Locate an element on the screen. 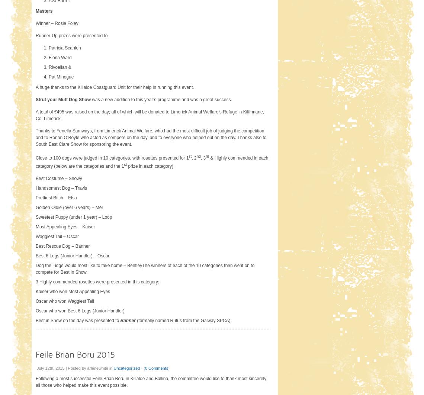 This screenshot has width=424, height=395. 'Handsomest Dog – Travis' is located at coordinates (61, 187).